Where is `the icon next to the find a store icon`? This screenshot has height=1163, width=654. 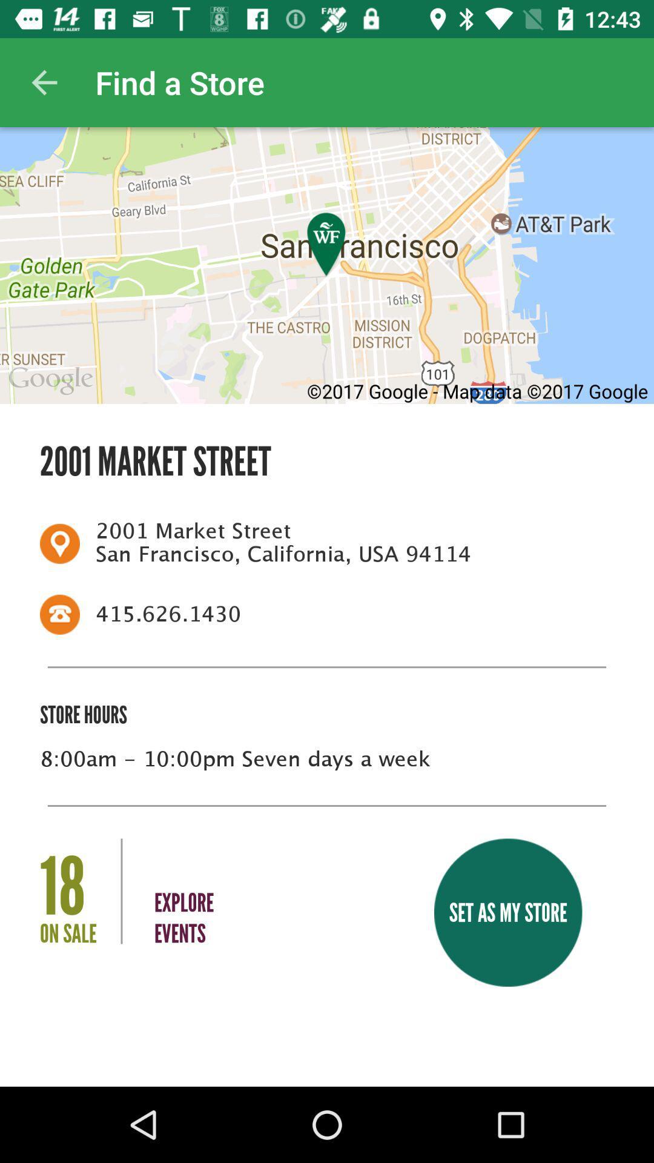 the icon next to the find a store icon is located at coordinates (44, 82).